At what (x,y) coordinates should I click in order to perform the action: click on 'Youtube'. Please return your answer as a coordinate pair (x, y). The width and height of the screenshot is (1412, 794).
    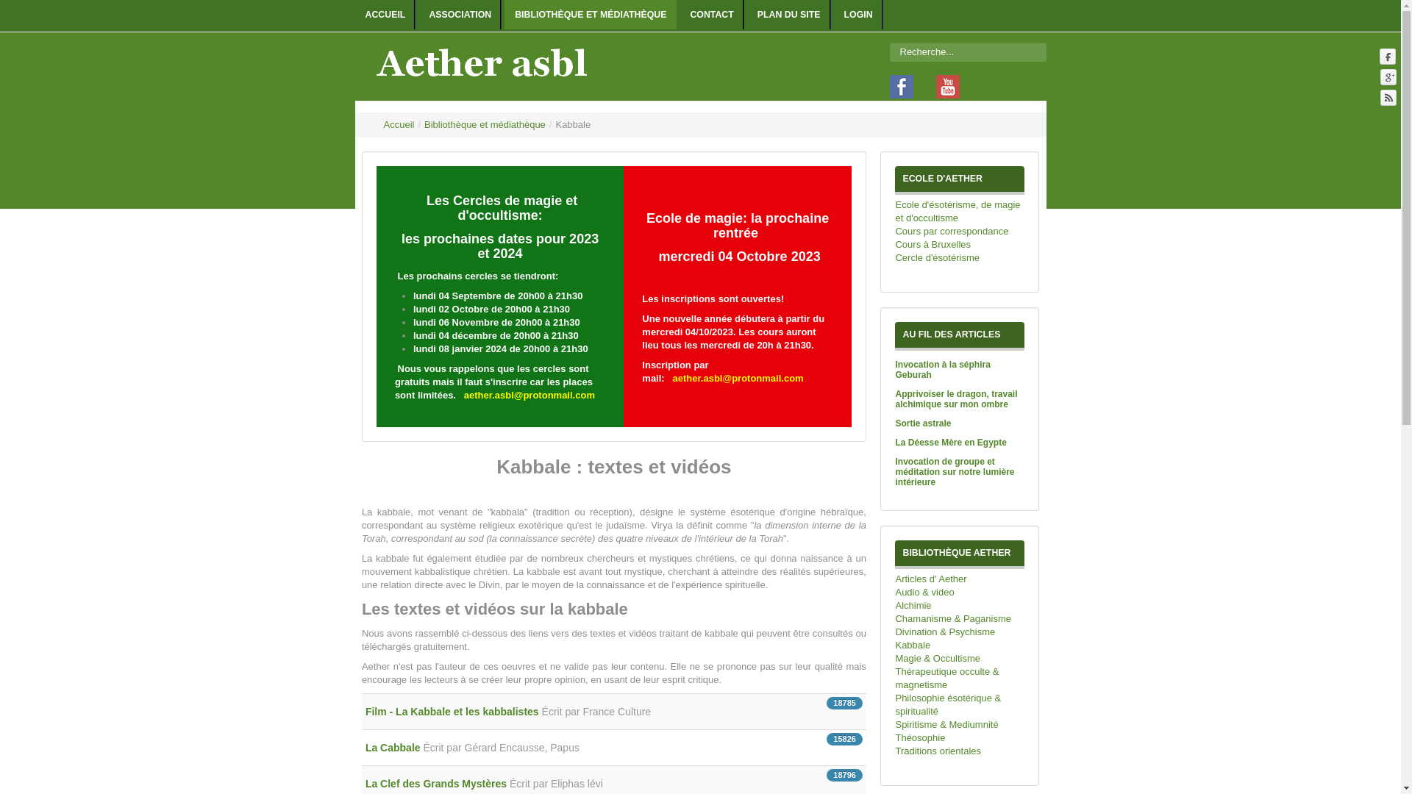
    Looking at the image, I should click on (944, 85).